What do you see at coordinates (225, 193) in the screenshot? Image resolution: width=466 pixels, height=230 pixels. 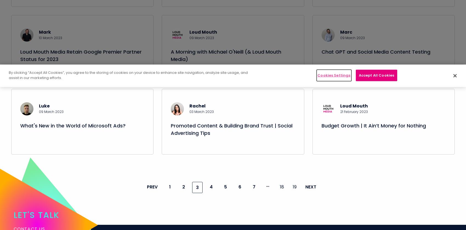 I see `'5'` at bounding box center [225, 193].